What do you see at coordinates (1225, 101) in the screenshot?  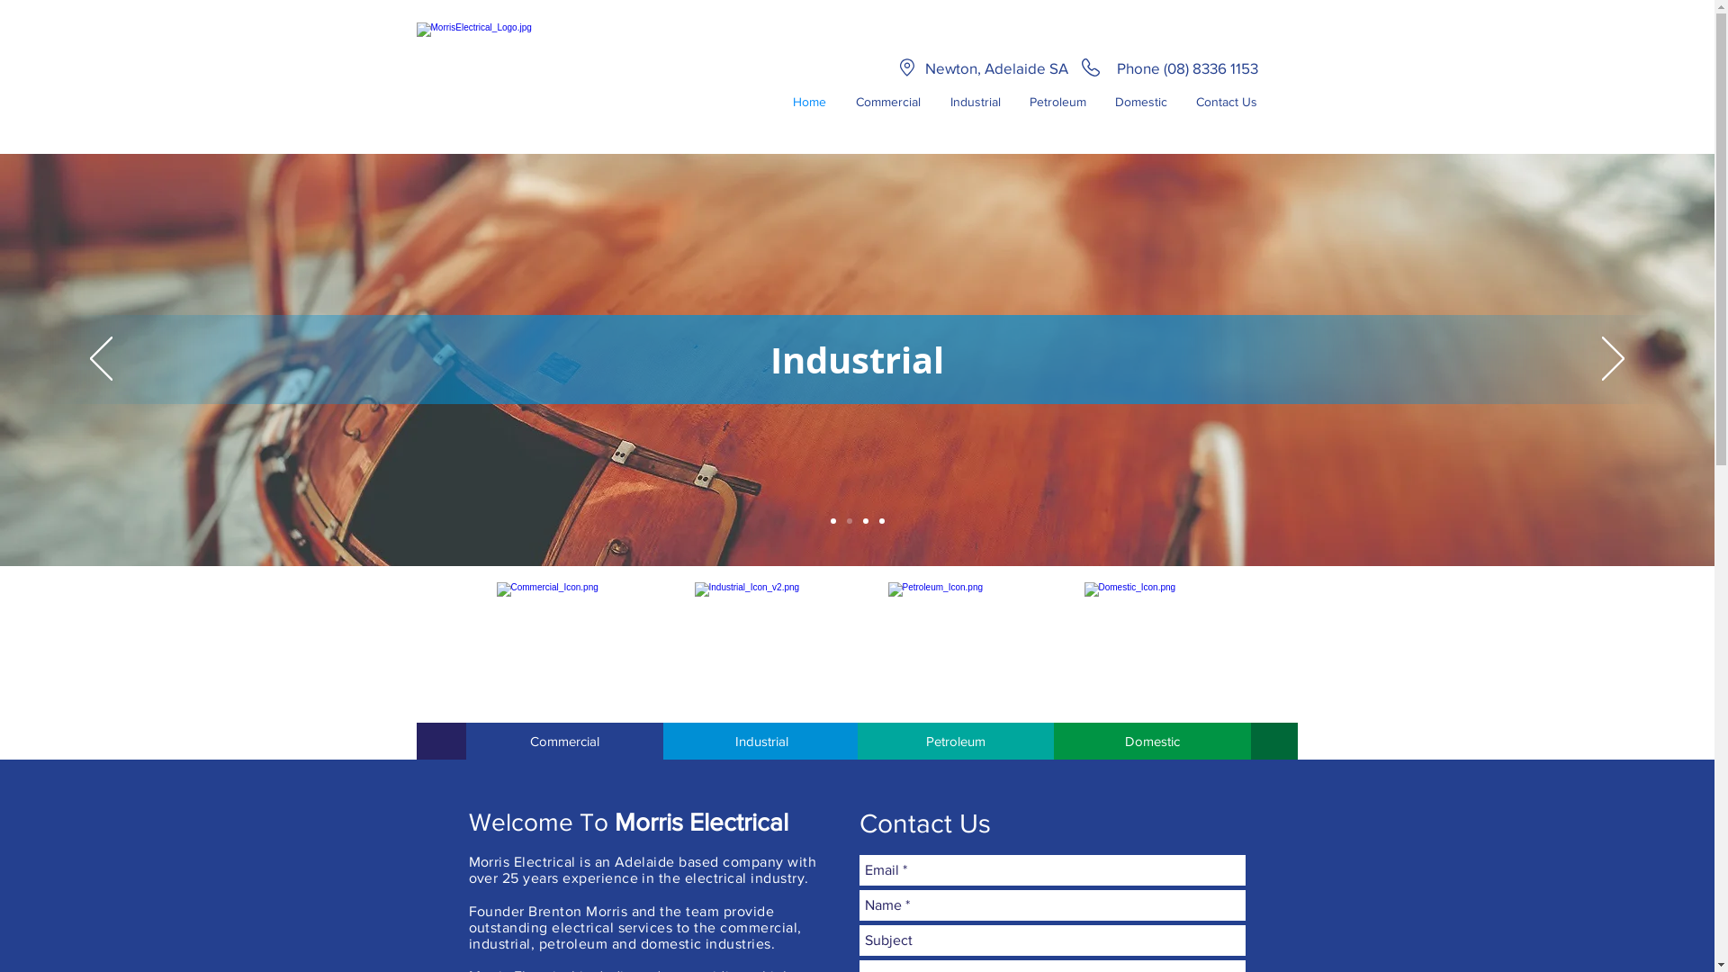 I see `'Contact Us'` at bounding box center [1225, 101].